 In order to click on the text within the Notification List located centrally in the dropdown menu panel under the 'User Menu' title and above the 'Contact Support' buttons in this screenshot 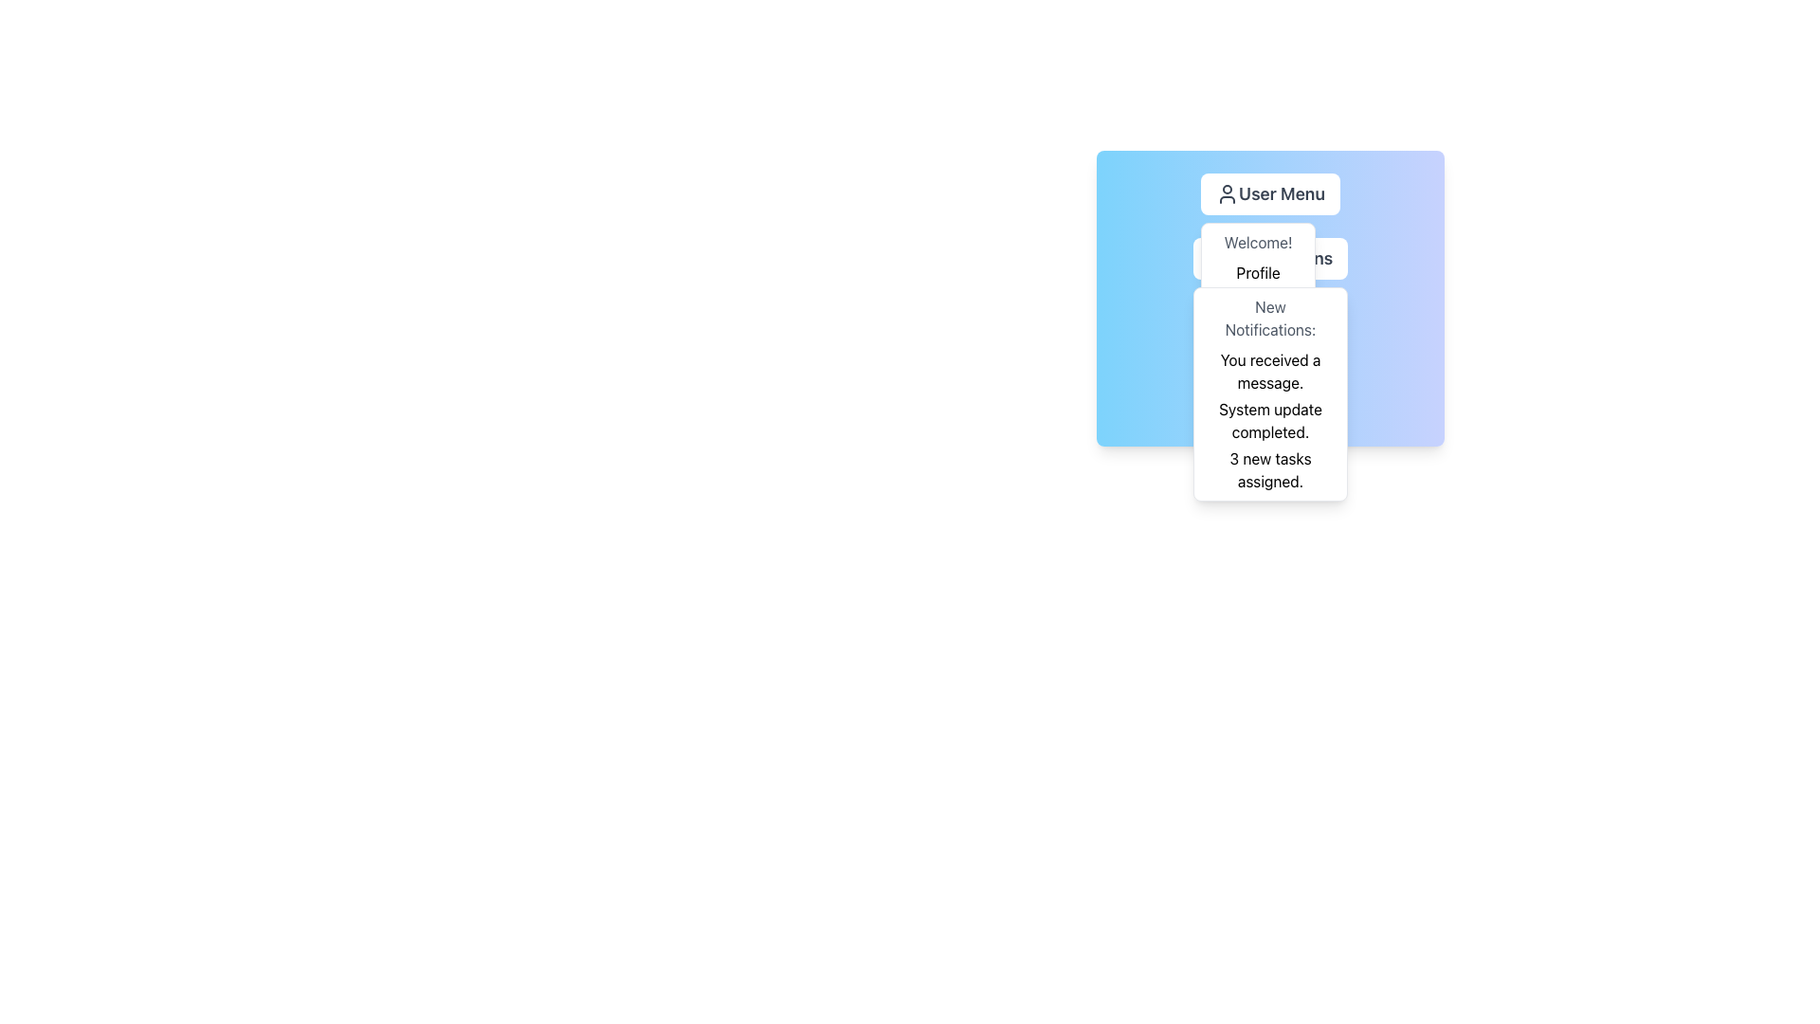, I will do `click(1270, 299)`.